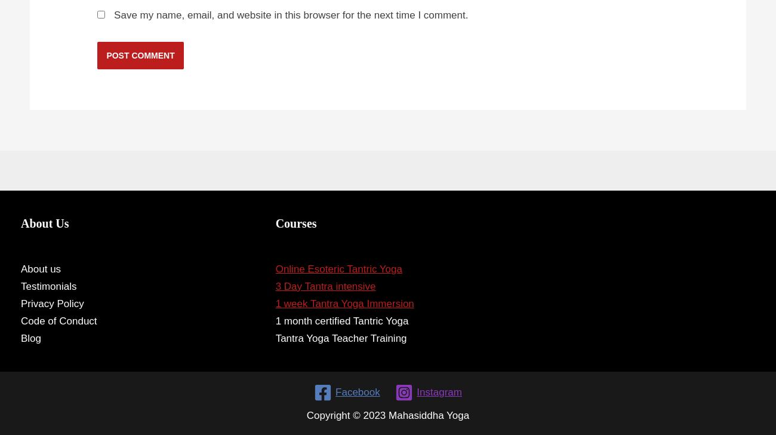 The width and height of the screenshot is (776, 435). What do you see at coordinates (45, 222) in the screenshot?
I see `'About Us'` at bounding box center [45, 222].